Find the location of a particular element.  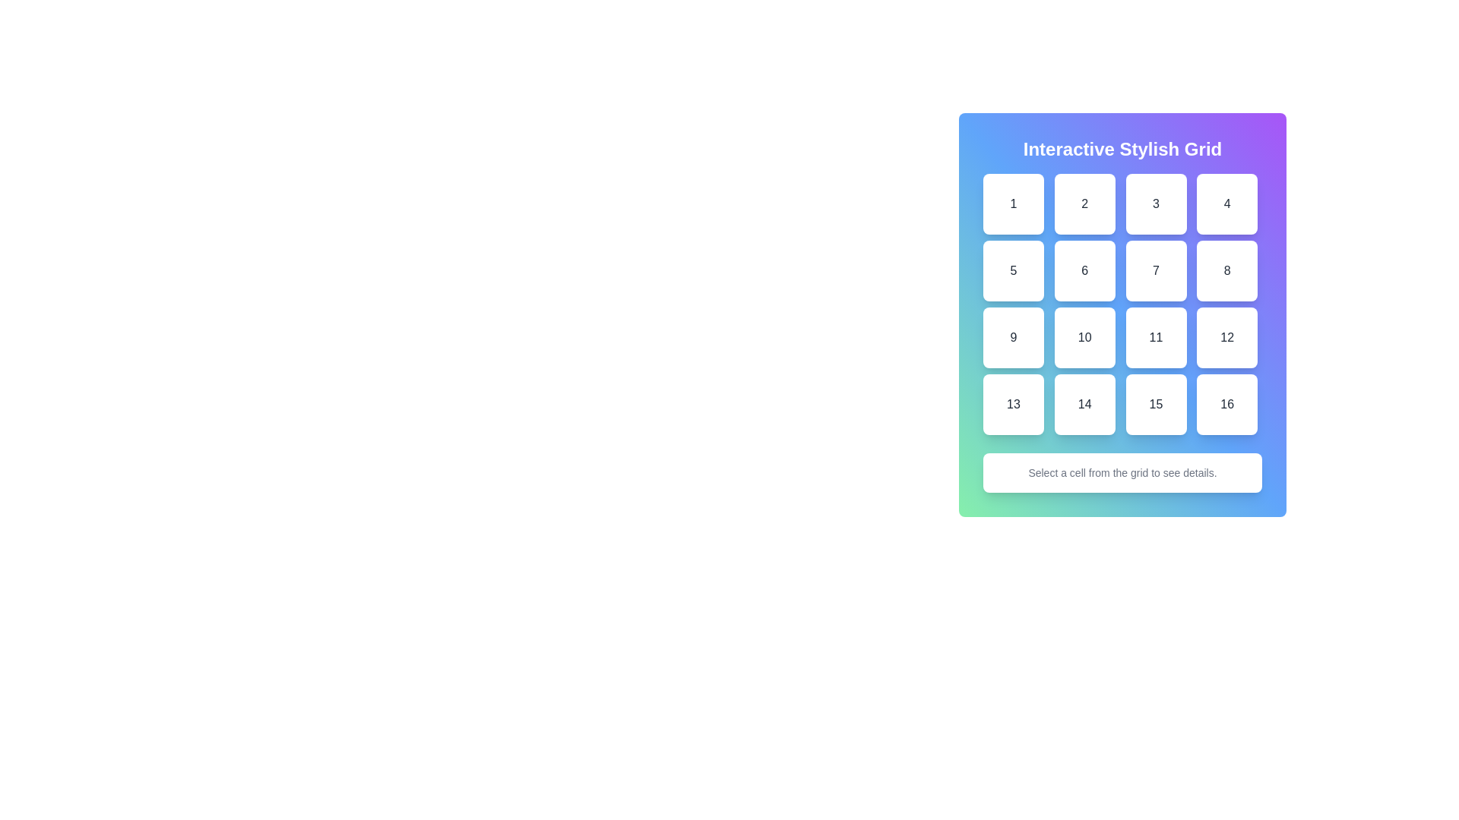

the button for interacting with the number '5', located in the second row of the 'Interactive Stylish Grid' is located at coordinates (1014, 270).